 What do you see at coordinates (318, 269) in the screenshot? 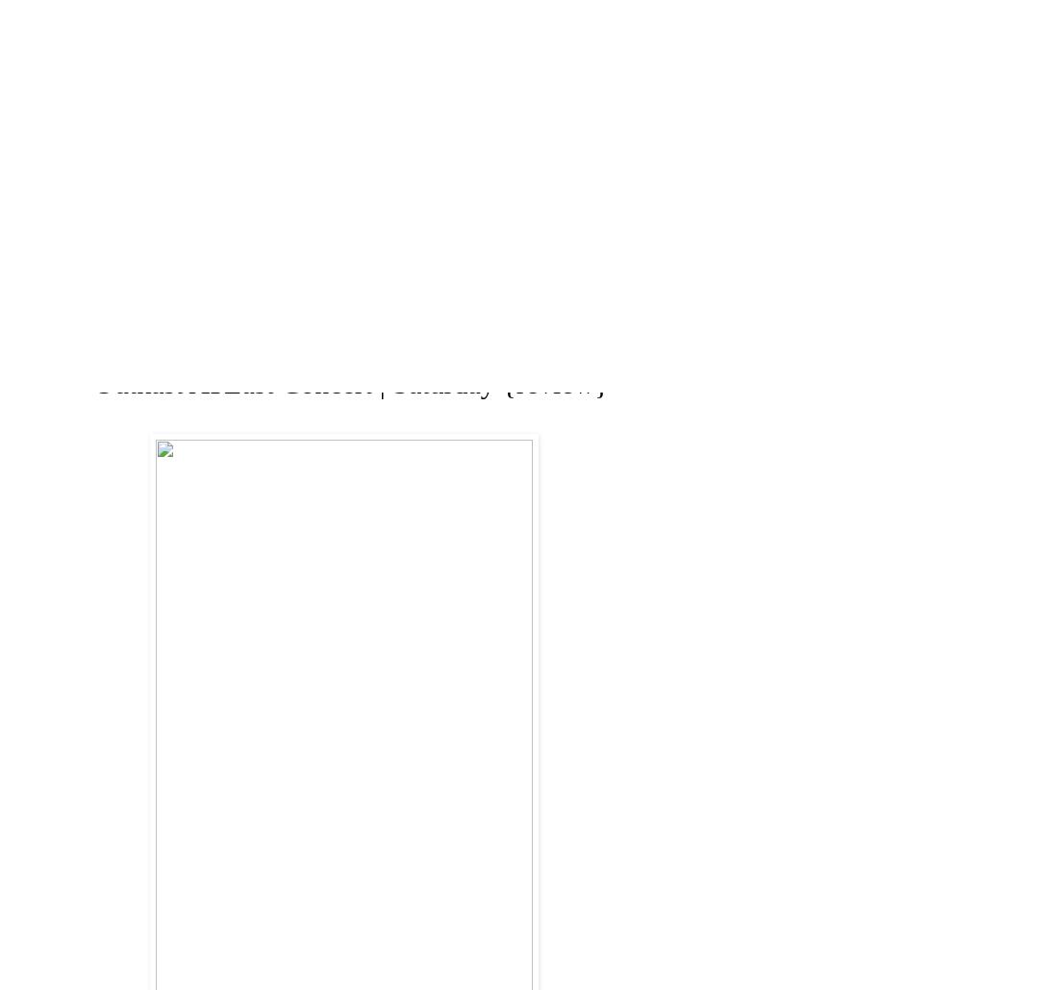
I see `'ABOUT'` at bounding box center [318, 269].